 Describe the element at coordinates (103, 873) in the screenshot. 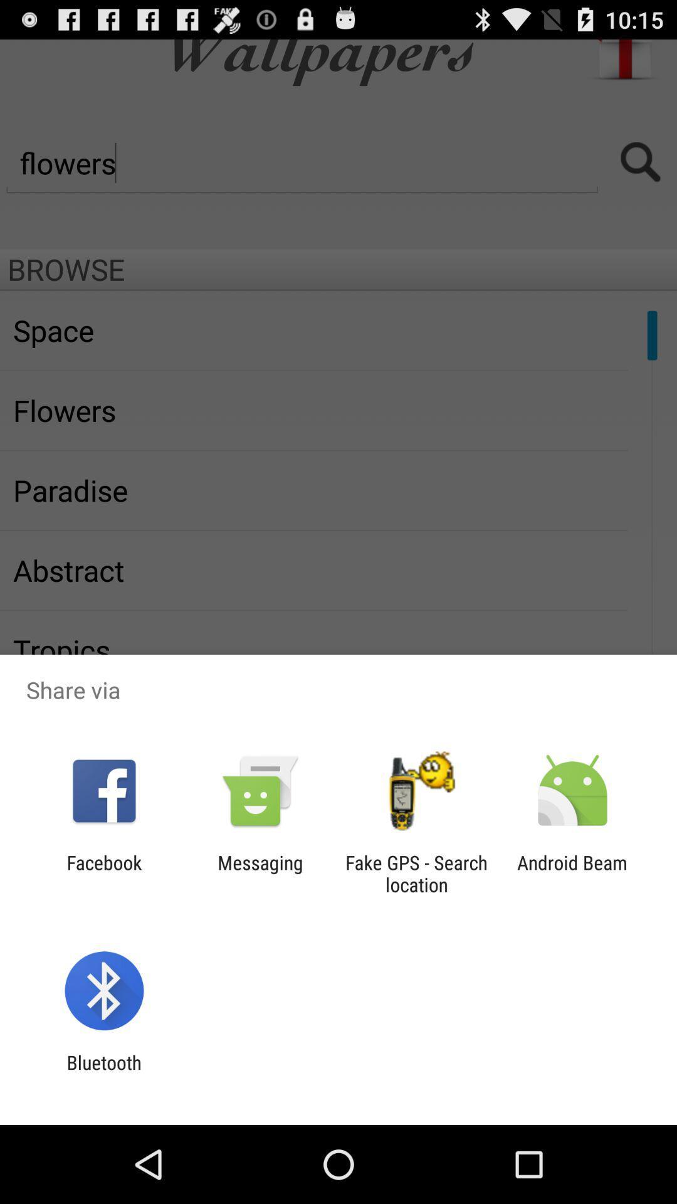

I see `the item next to the messaging` at that location.